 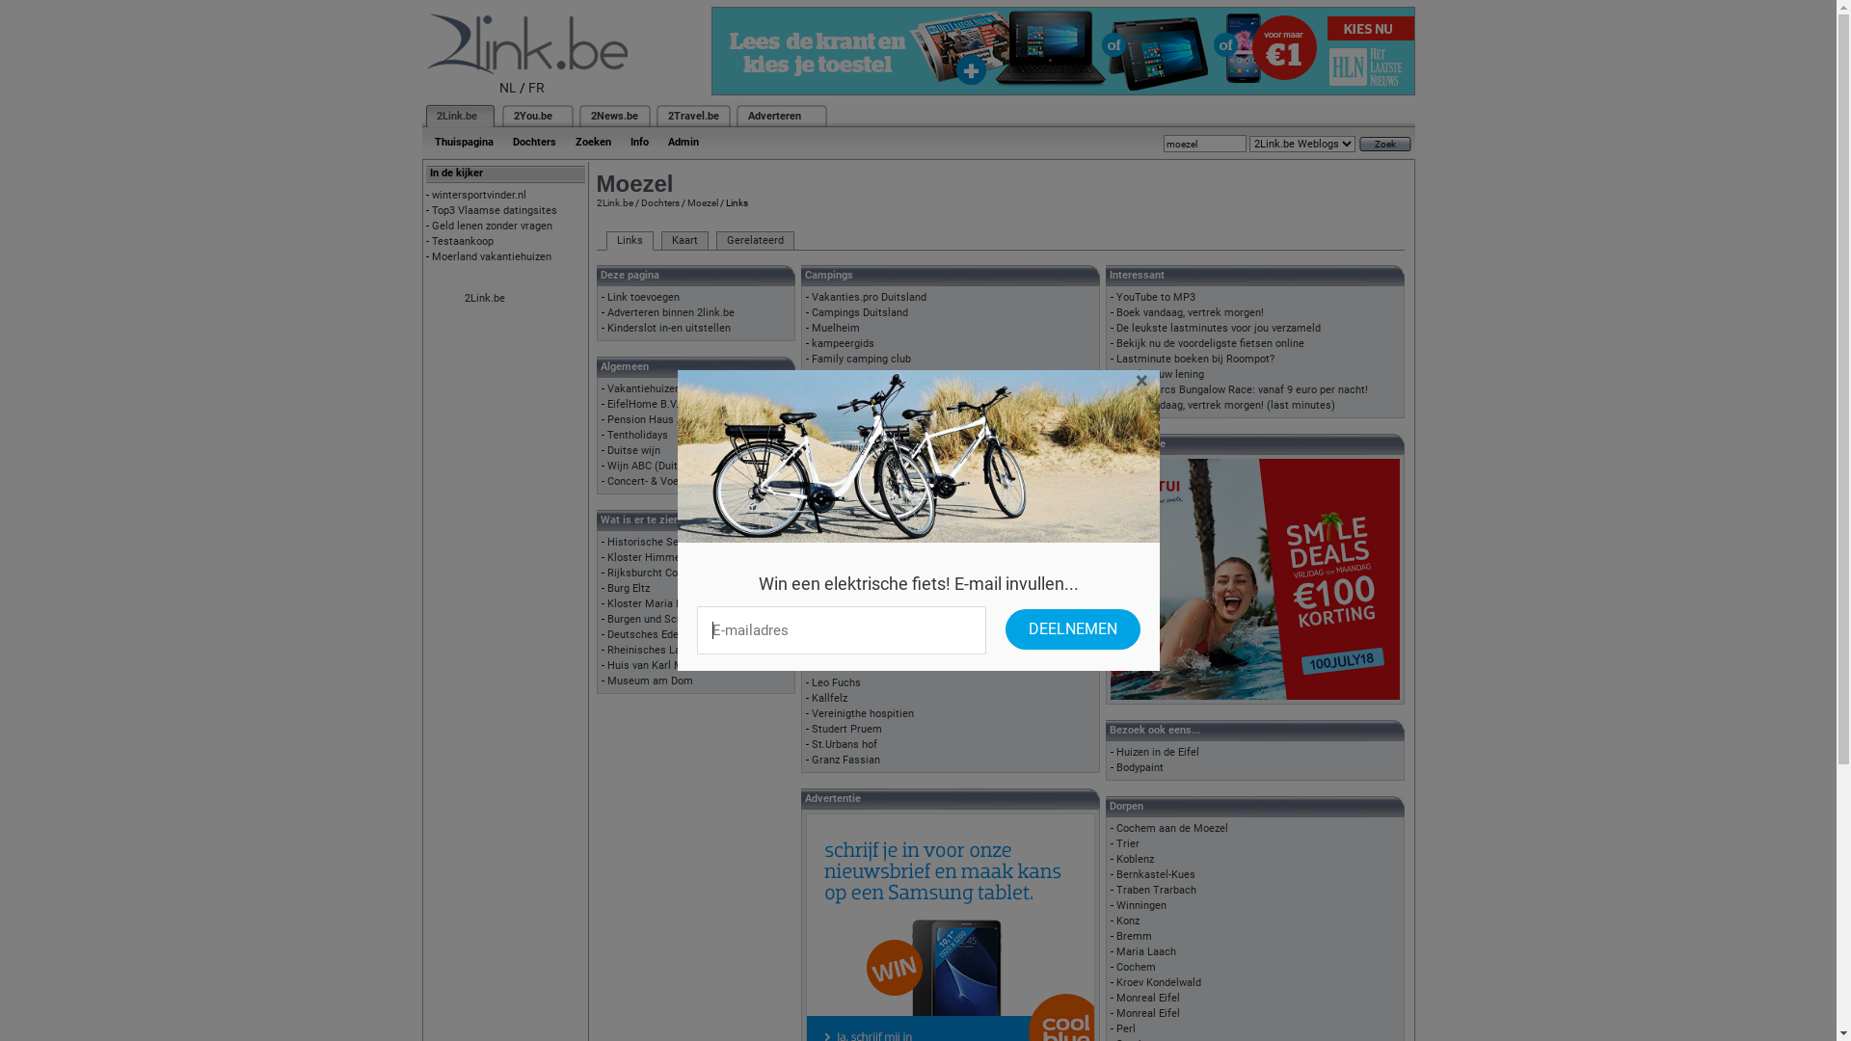 What do you see at coordinates (656, 602) in the screenshot?
I see `'Kloster Maria Laach'` at bounding box center [656, 602].